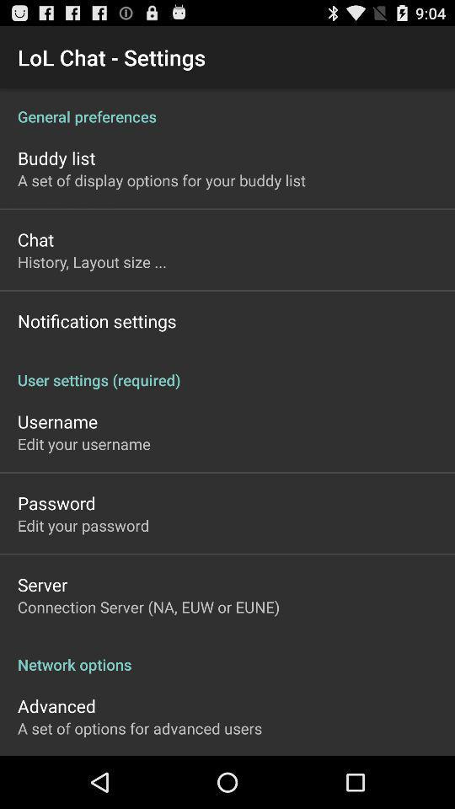  Describe the element at coordinates (92, 261) in the screenshot. I see `icon below chat app` at that location.